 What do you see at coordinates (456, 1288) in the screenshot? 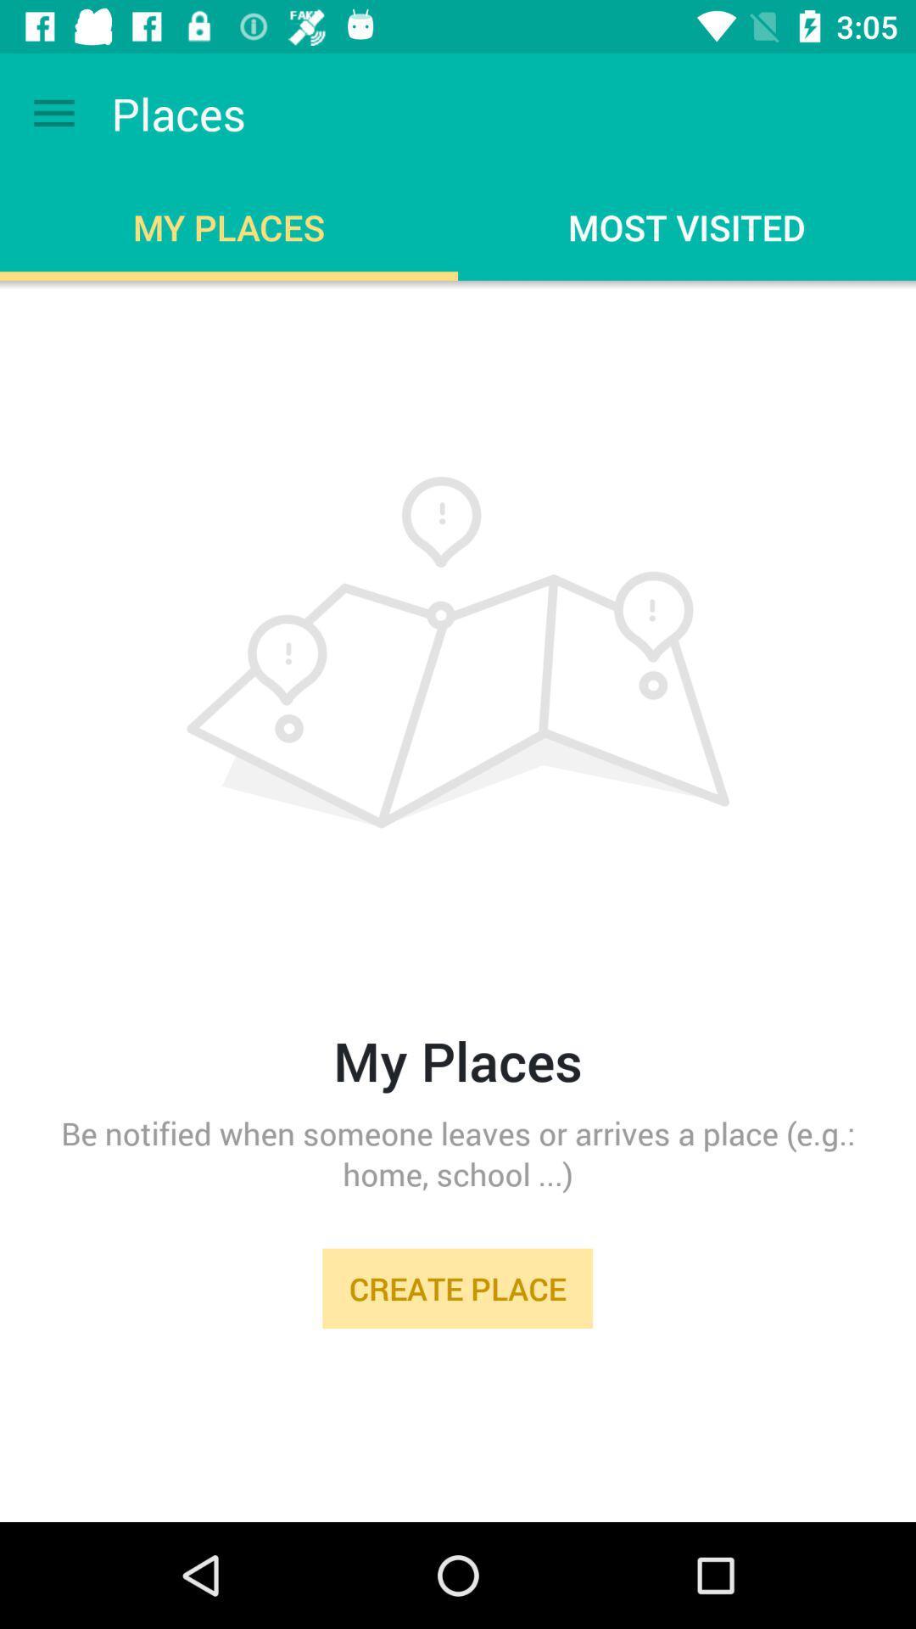
I see `the icon below the be notified when` at bounding box center [456, 1288].